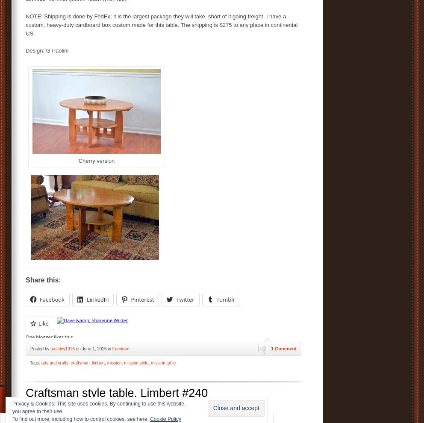  What do you see at coordinates (79, 362) in the screenshot?
I see `'craftsman'` at bounding box center [79, 362].